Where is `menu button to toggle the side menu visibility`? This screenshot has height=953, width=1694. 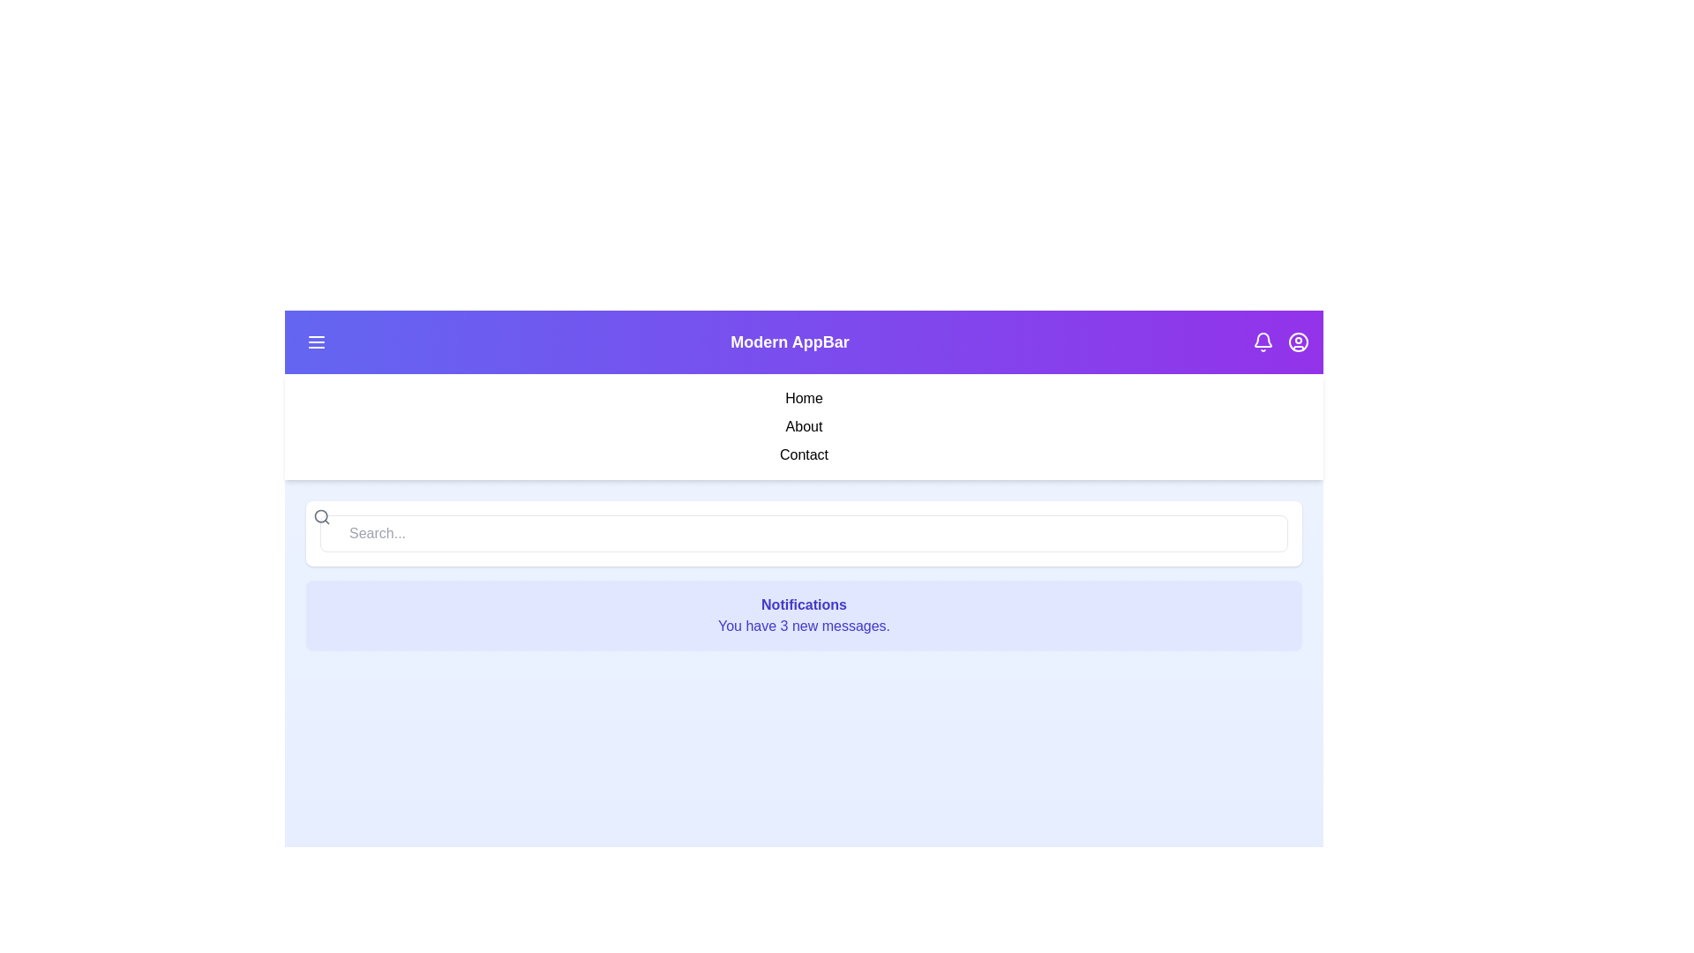 menu button to toggle the side menu visibility is located at coordinates (317, 342).